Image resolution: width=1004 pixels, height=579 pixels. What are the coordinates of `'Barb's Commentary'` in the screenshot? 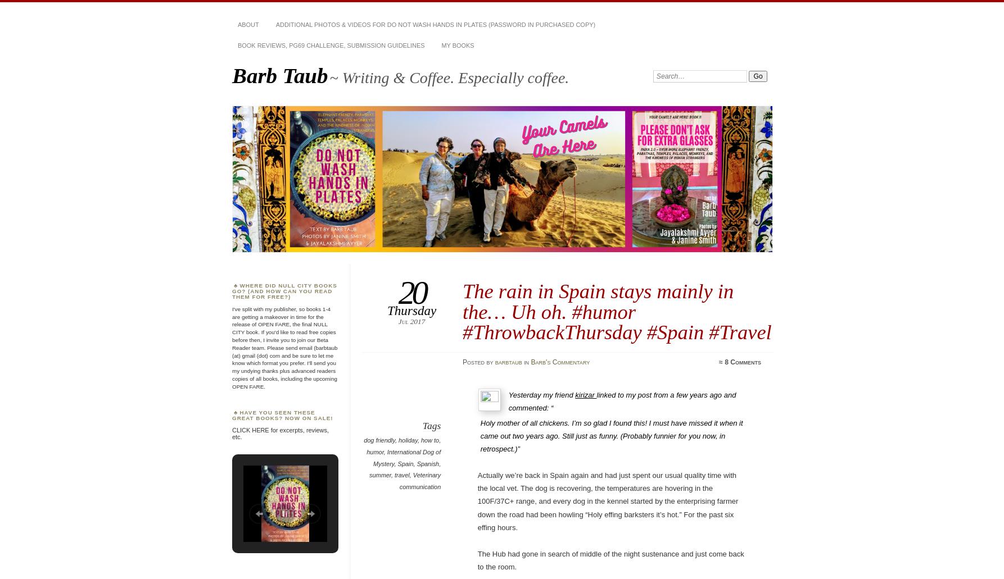 It's located at (560, 361).